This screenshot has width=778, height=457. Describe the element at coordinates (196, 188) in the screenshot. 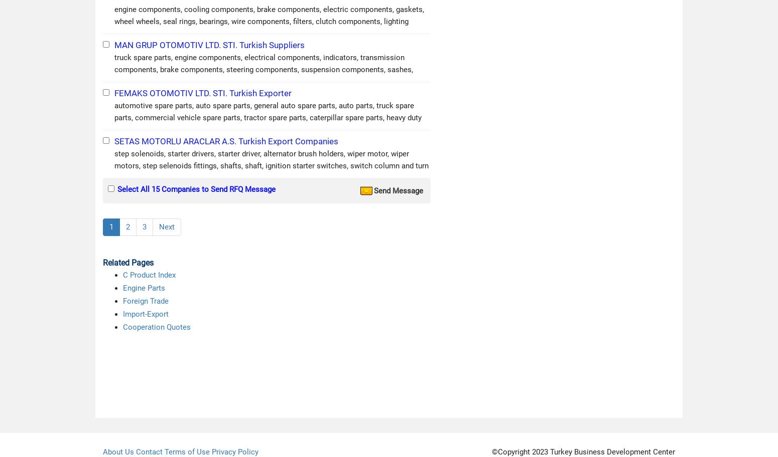

I see `'Select All 15 Companies to Send RFQ Message'` at that location.